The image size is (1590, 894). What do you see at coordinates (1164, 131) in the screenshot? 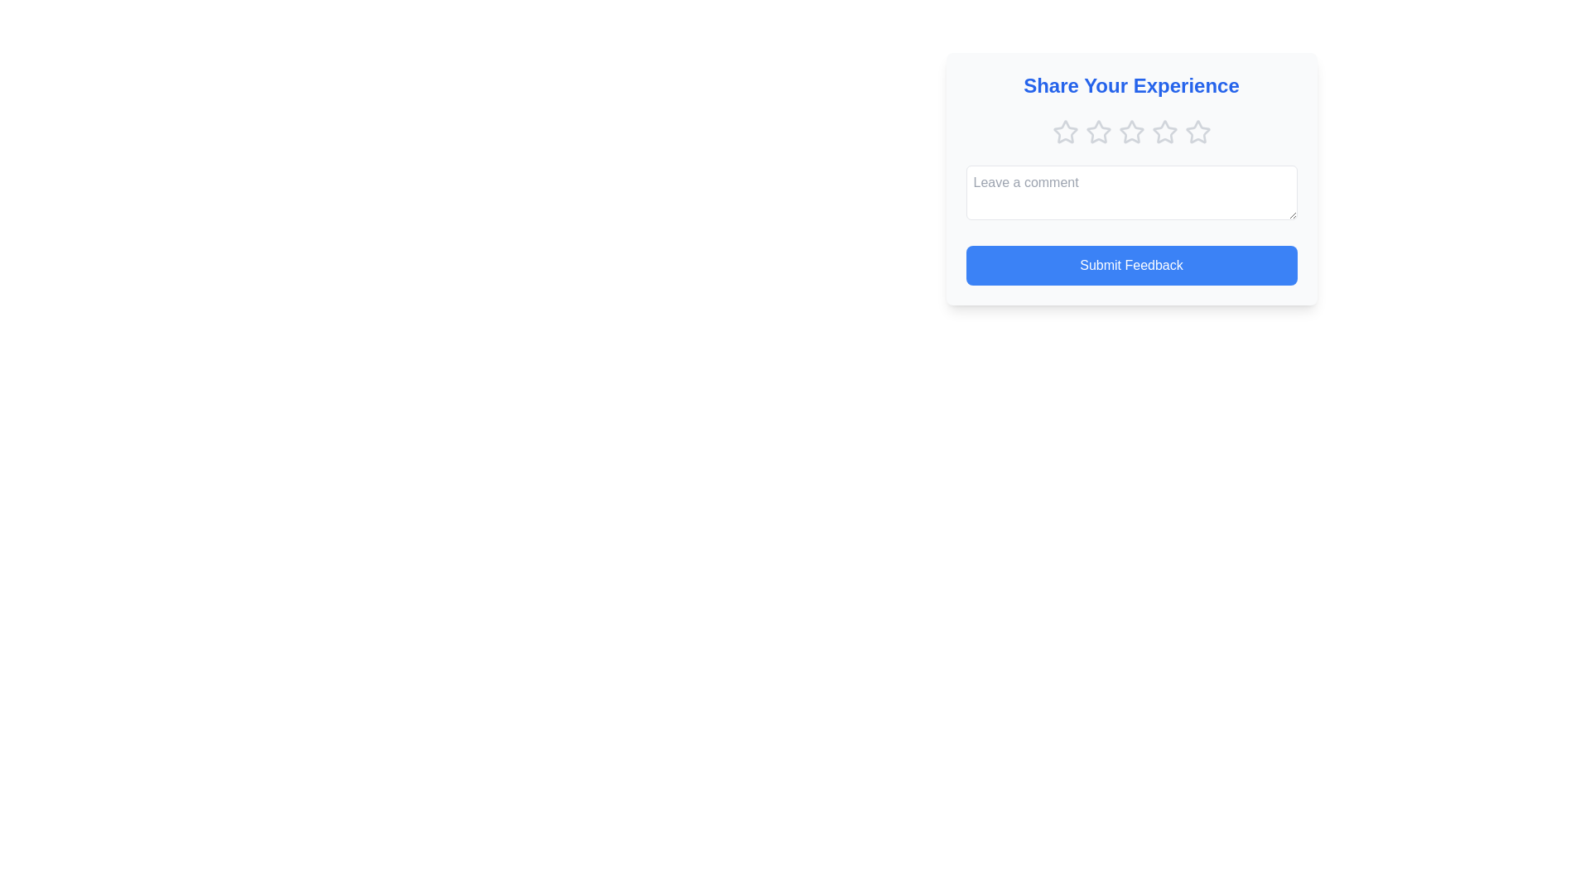
I see `the fourth star icon in the rating component under 'Share Your Experience'` at bounding box center [1164, 131].